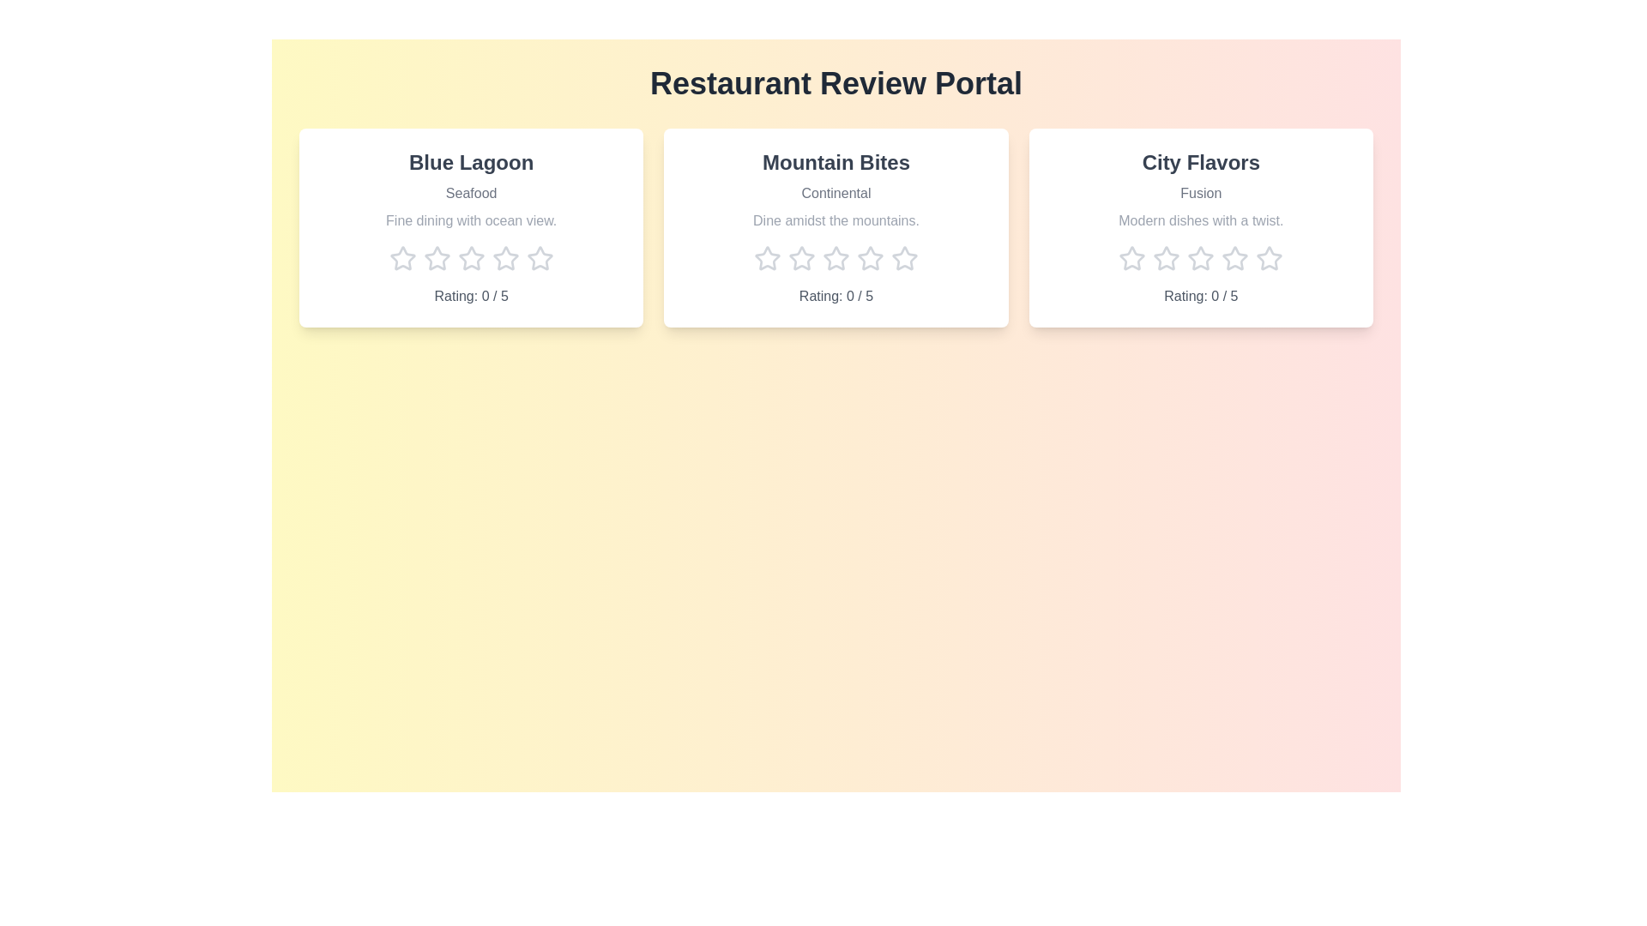 The width and height of the screenshot is (1647, 926). Describe the element at coordinates (401, 258) in the screenshot. I see `the star corresponding to 1 stars for the 'Blue Lagoon' restaurant` at that location.